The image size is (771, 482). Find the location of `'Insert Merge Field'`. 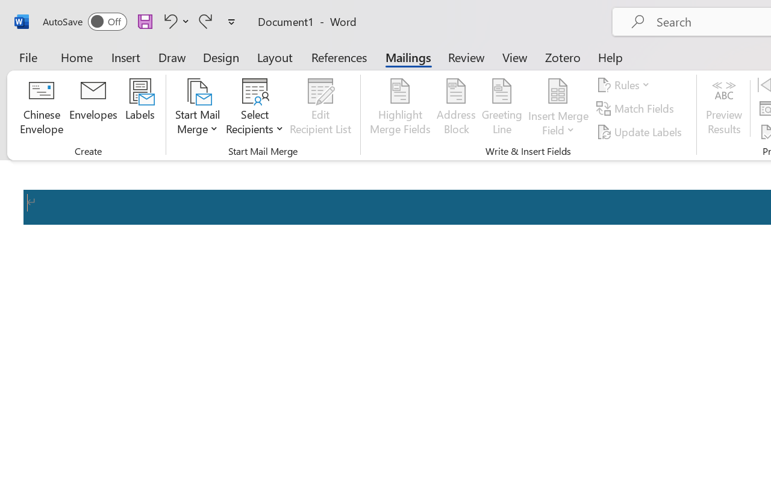

'Insert Merge Field' is located at coordinates (558, 108).